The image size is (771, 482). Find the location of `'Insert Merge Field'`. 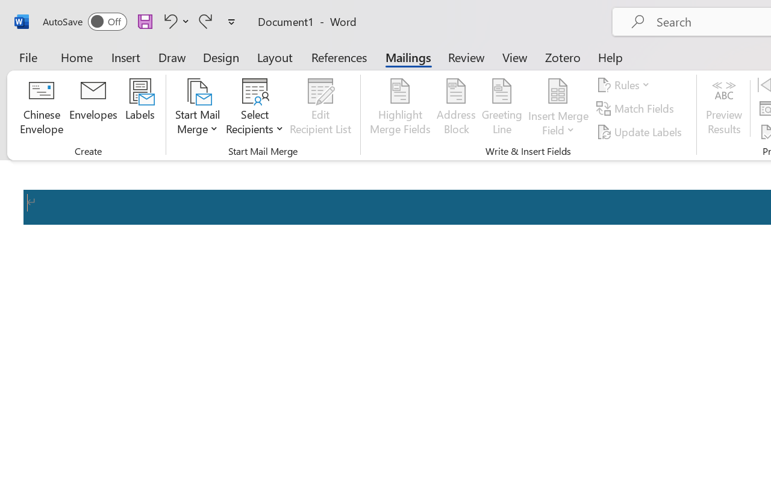

'Insert Merge Field' is located at coordinates (558, 108).